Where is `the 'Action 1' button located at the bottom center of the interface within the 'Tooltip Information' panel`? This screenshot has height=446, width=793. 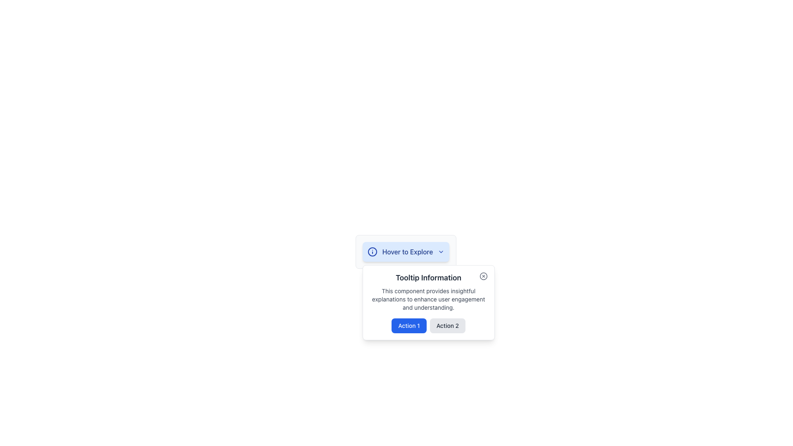 the 'Action 1' button located at the bottom center of the interface within the 'Tooltip Information' panel is located at coordinates (409, 325).